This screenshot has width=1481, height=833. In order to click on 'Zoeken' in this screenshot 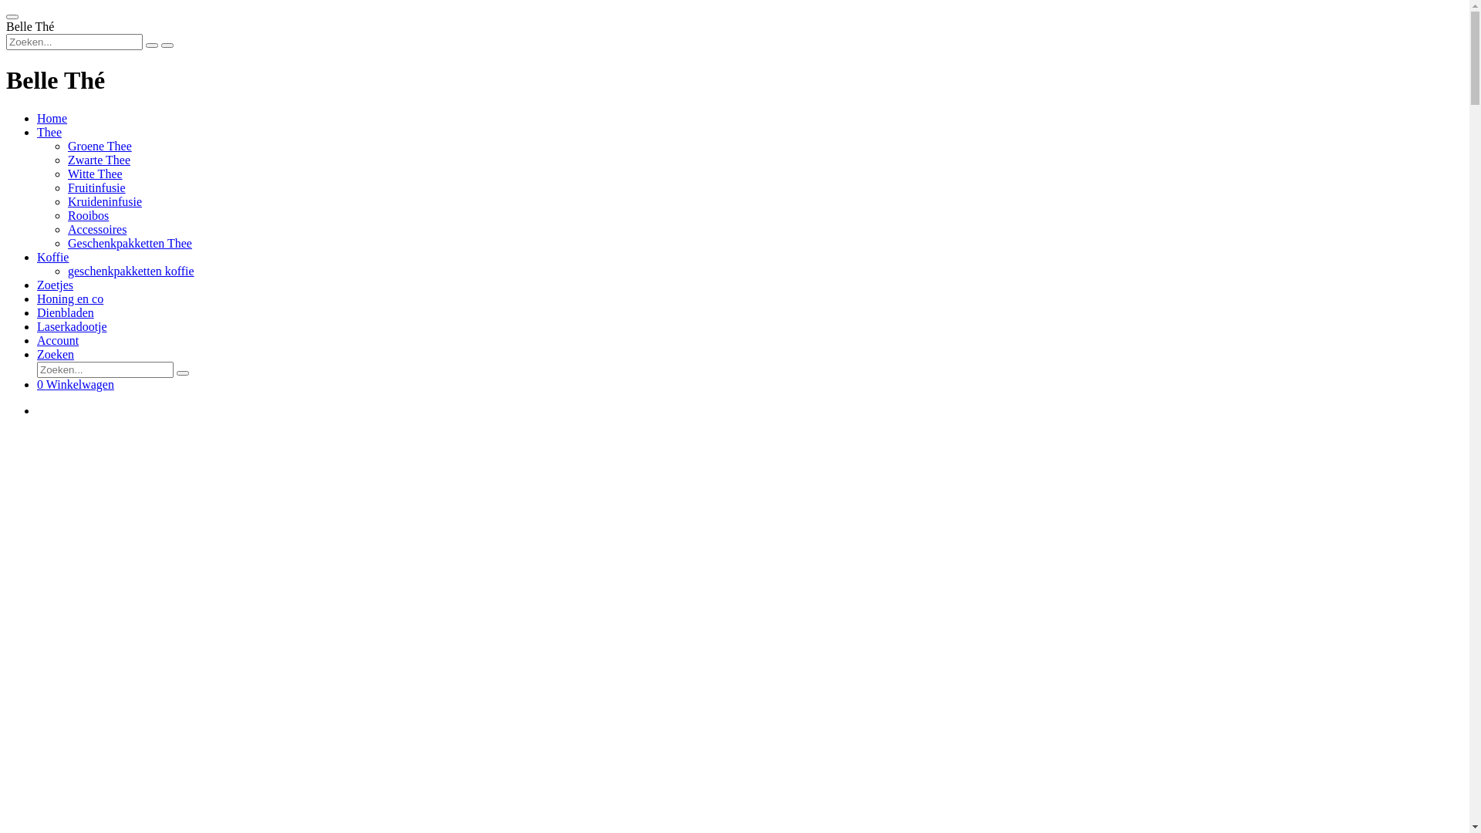, I will do `click(37, 354)`.